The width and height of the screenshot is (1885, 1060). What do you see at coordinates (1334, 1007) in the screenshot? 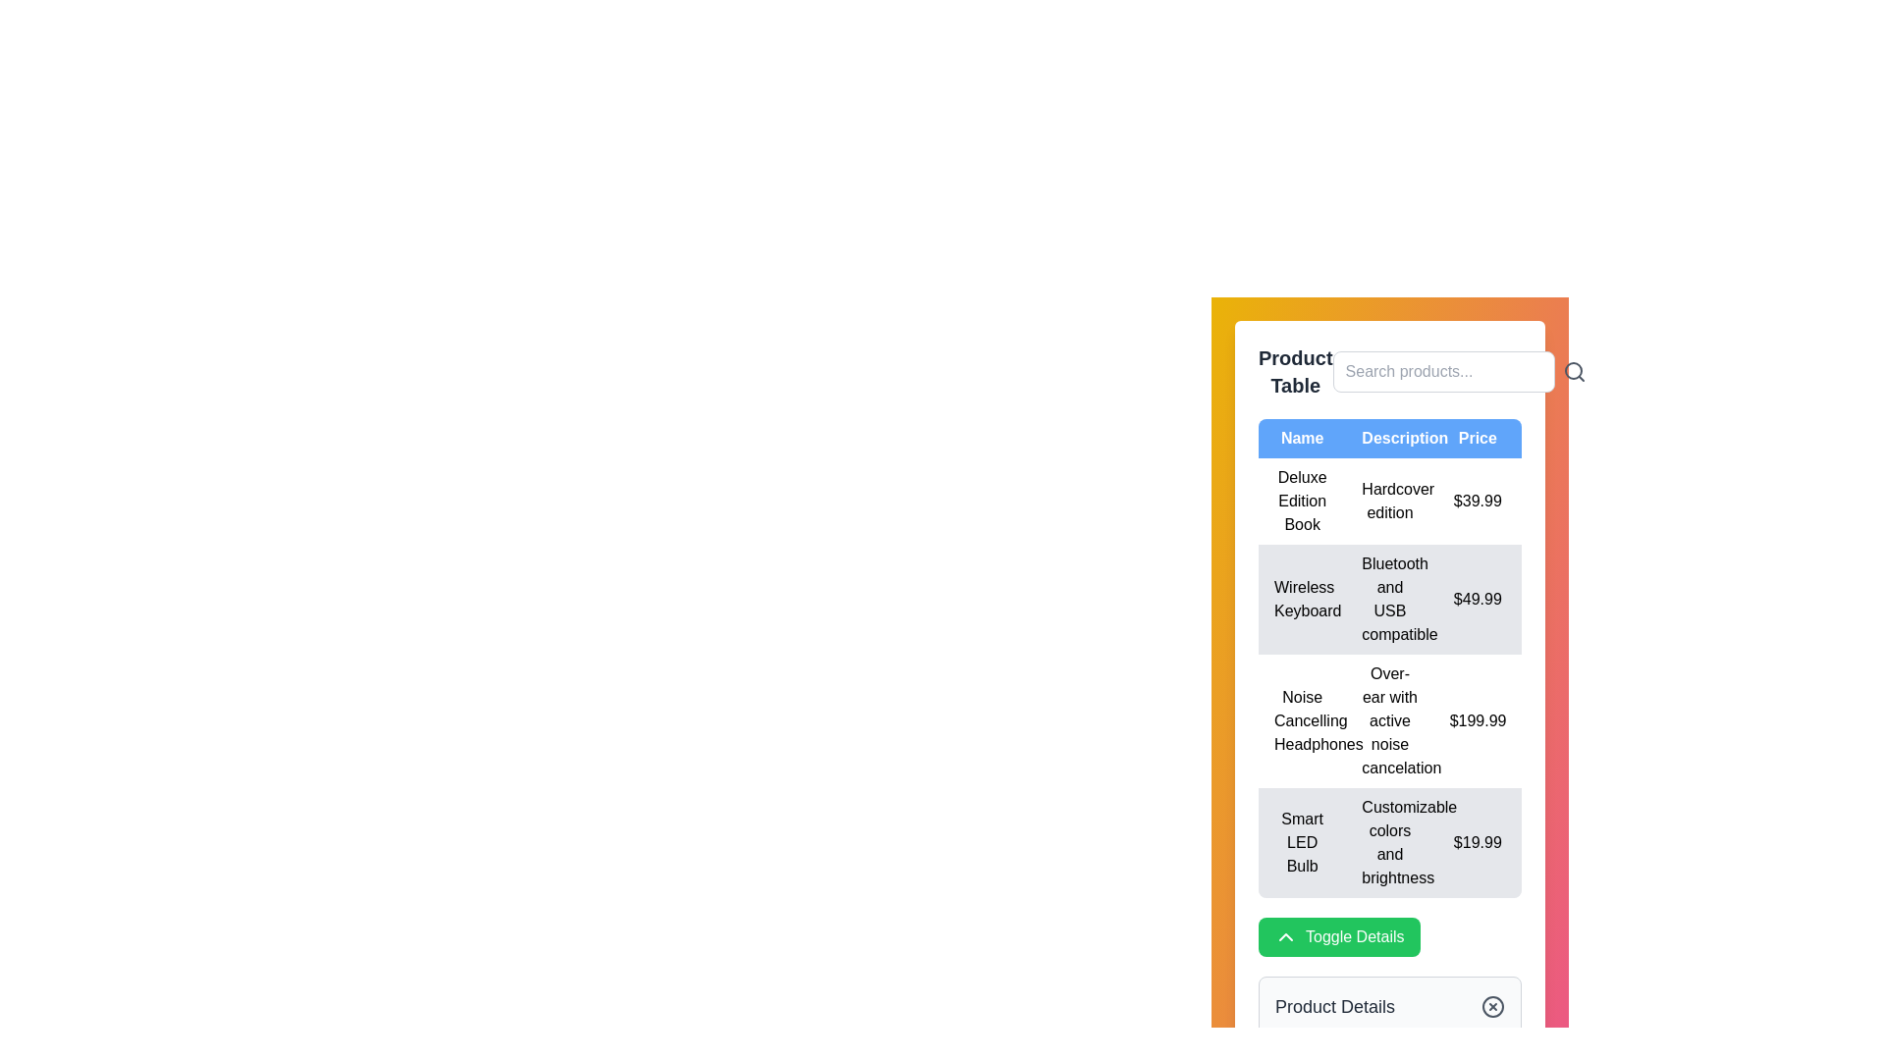
I see `the text label that reads 'Product Details', which is styled in dark gray and located towards the bottom of the interface` at bounding box center [1334, 1007].